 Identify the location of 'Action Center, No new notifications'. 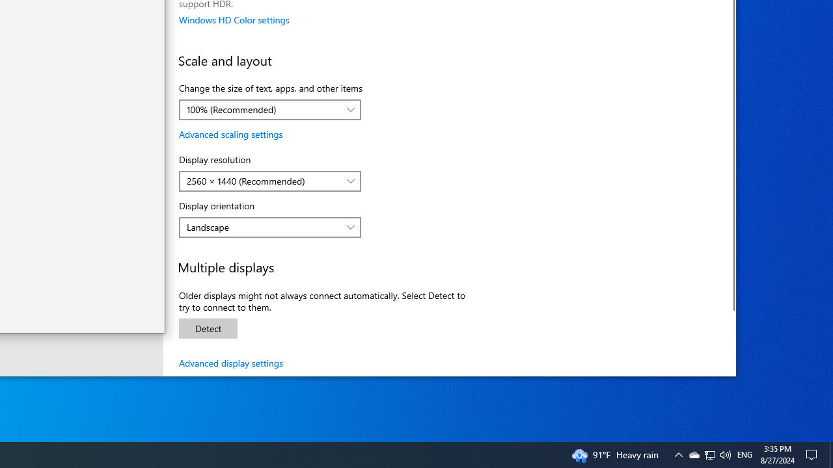
(813, 454).